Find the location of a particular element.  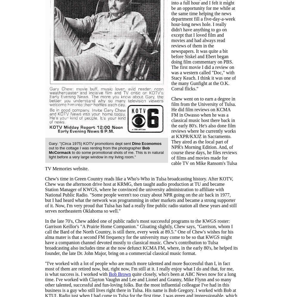

'"I've worked with a lot of people who are much more talented and more $uccessful
	than I, in fact most of them are retired now, but, right now, I'm still at
	it. I really enjoy what I do and that, for me, is what success is. I worked
	with' is located at coordinates (139, 268).